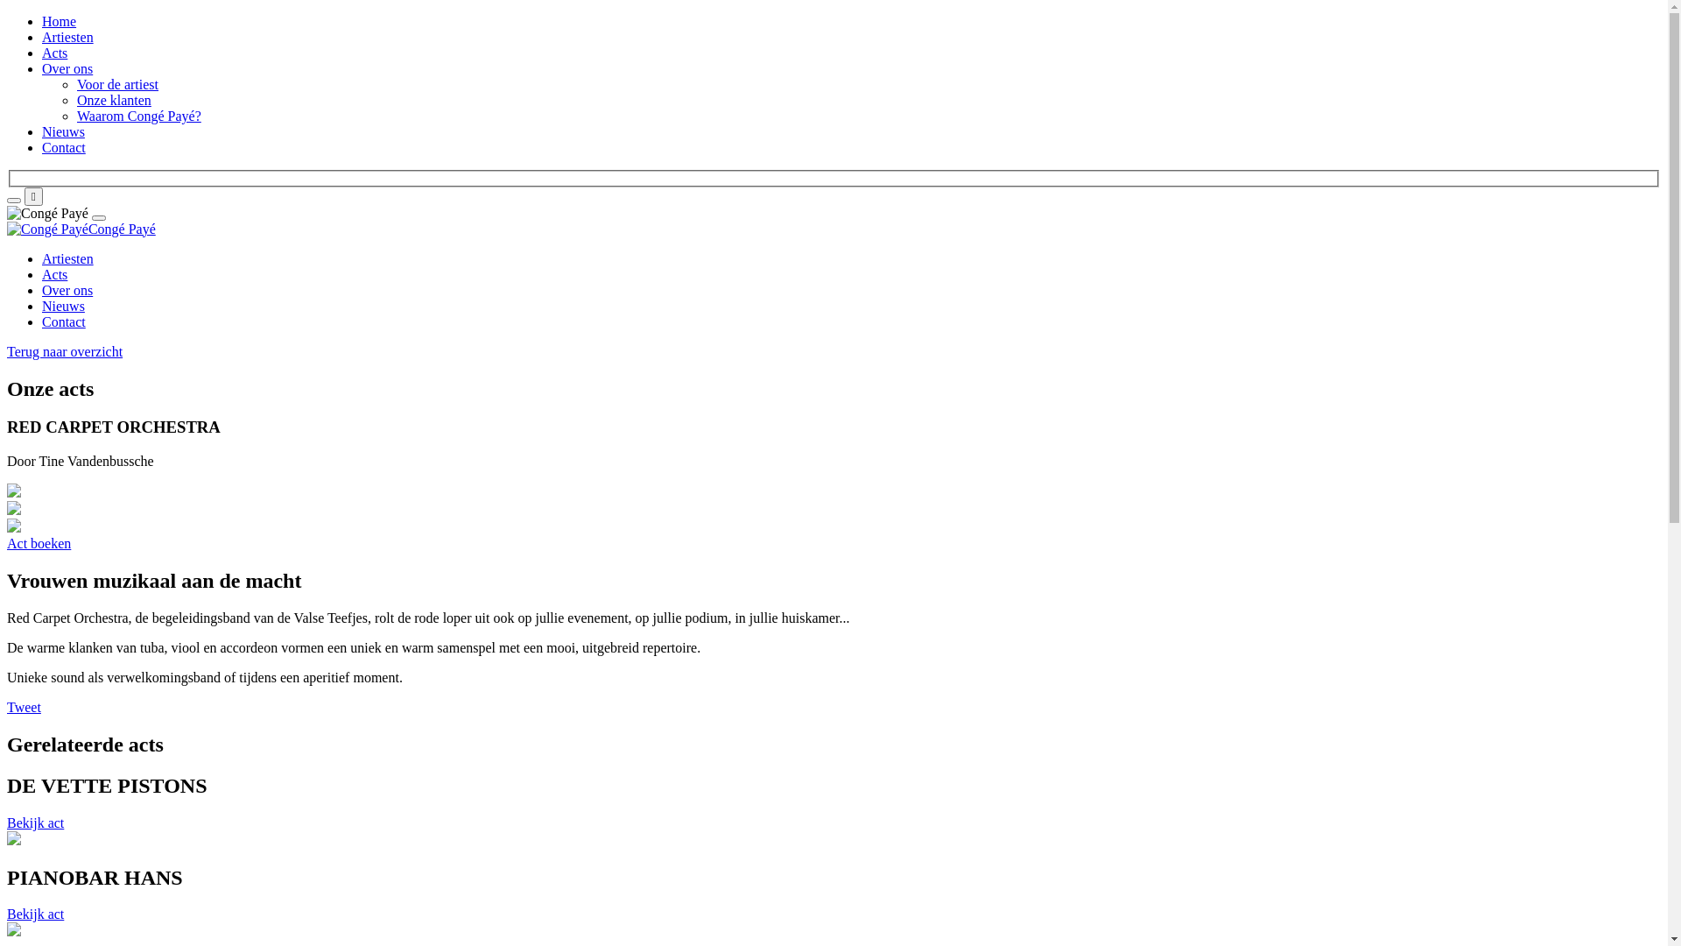  What do you see at coordinates (116, 84) in the screenshot?
I see `'Voor de artiest'` at bounding box center [116, 84].